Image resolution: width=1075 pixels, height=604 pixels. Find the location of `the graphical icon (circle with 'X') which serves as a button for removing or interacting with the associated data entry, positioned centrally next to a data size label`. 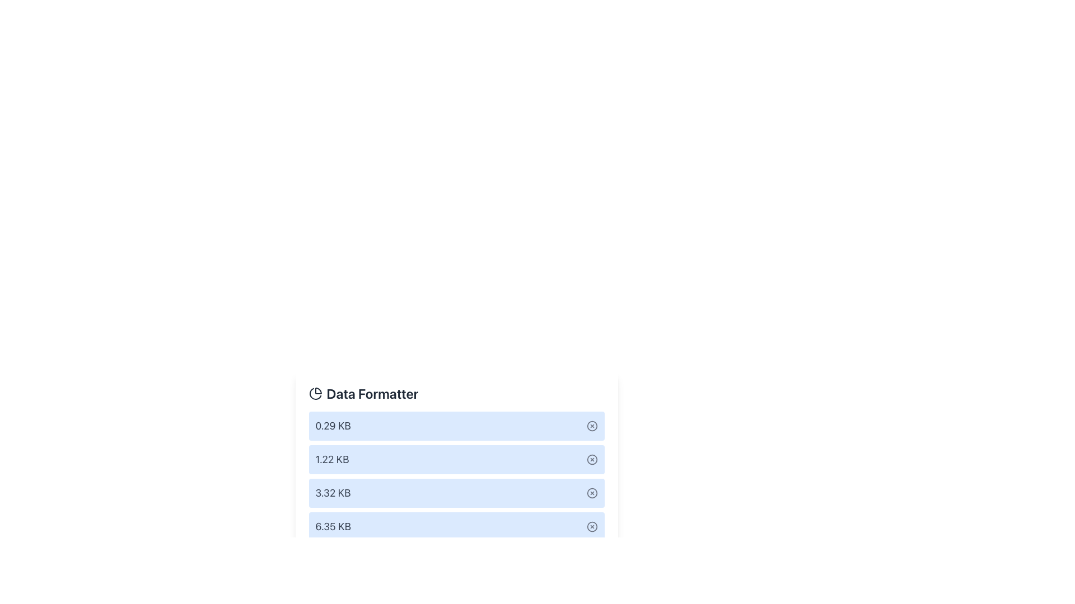

the graphical icon (circle with 'X') which serves as a button for removing or interacting with the associated data entry, positioned centrally next to a data size label is located at coordinates (591, 426).